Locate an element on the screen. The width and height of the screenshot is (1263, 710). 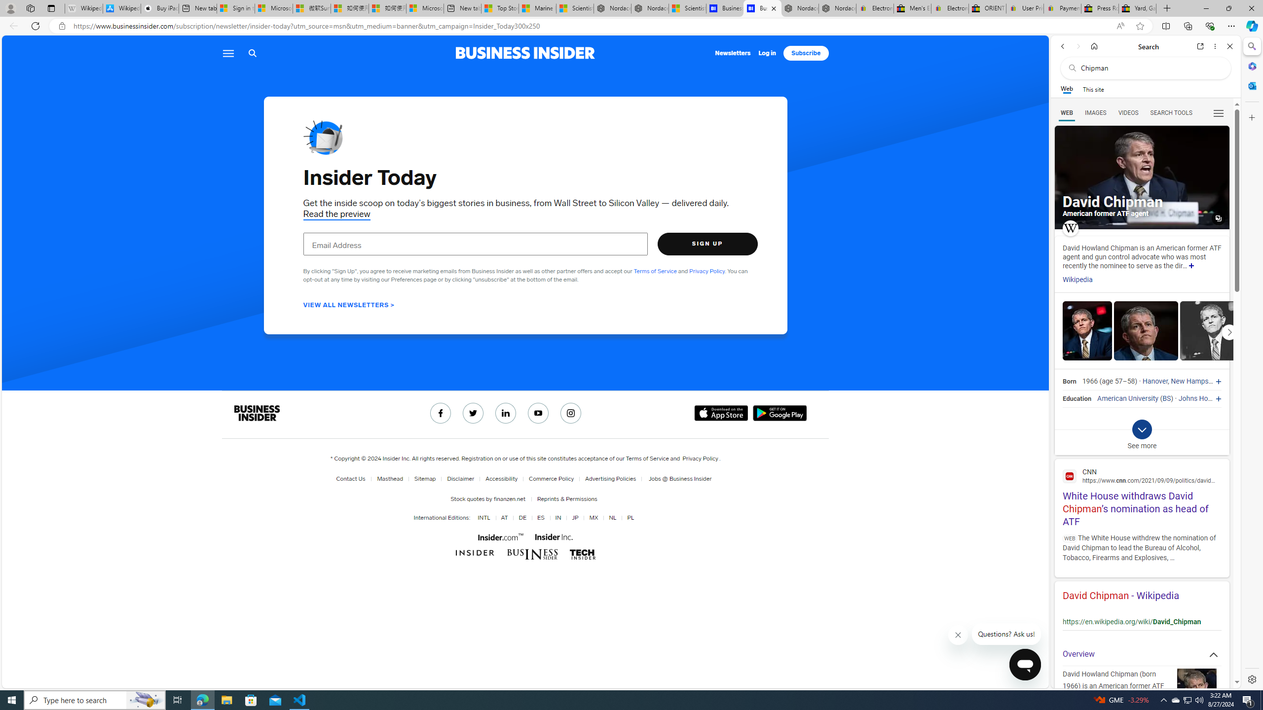
'Jobs @ Business Insider' is located at coordinates (676, 478).